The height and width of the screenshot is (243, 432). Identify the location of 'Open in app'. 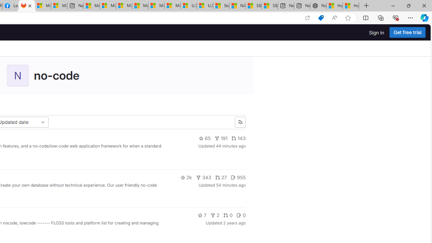
(307, 18).